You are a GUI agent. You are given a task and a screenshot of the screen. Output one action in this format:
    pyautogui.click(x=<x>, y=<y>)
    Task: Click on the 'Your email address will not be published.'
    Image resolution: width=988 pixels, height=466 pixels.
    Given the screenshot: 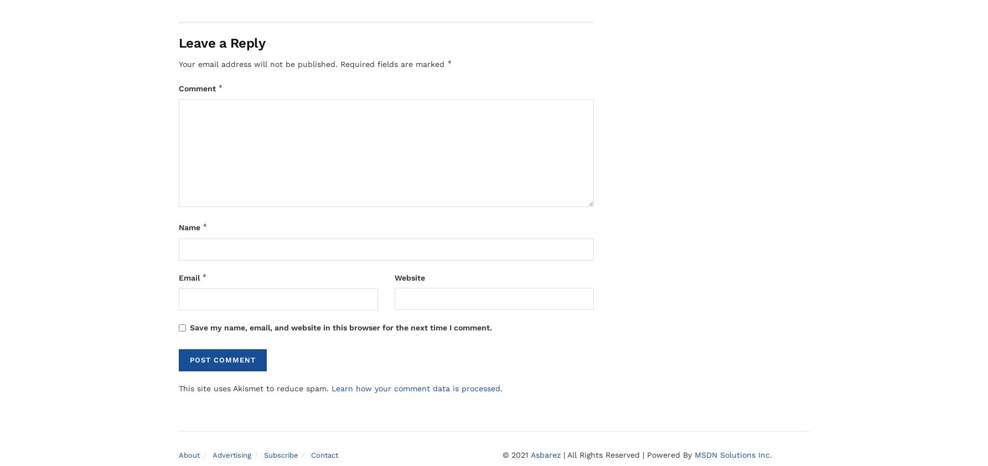 What is the action you would take?
    pyautogui.click(x=257, y=64)
    